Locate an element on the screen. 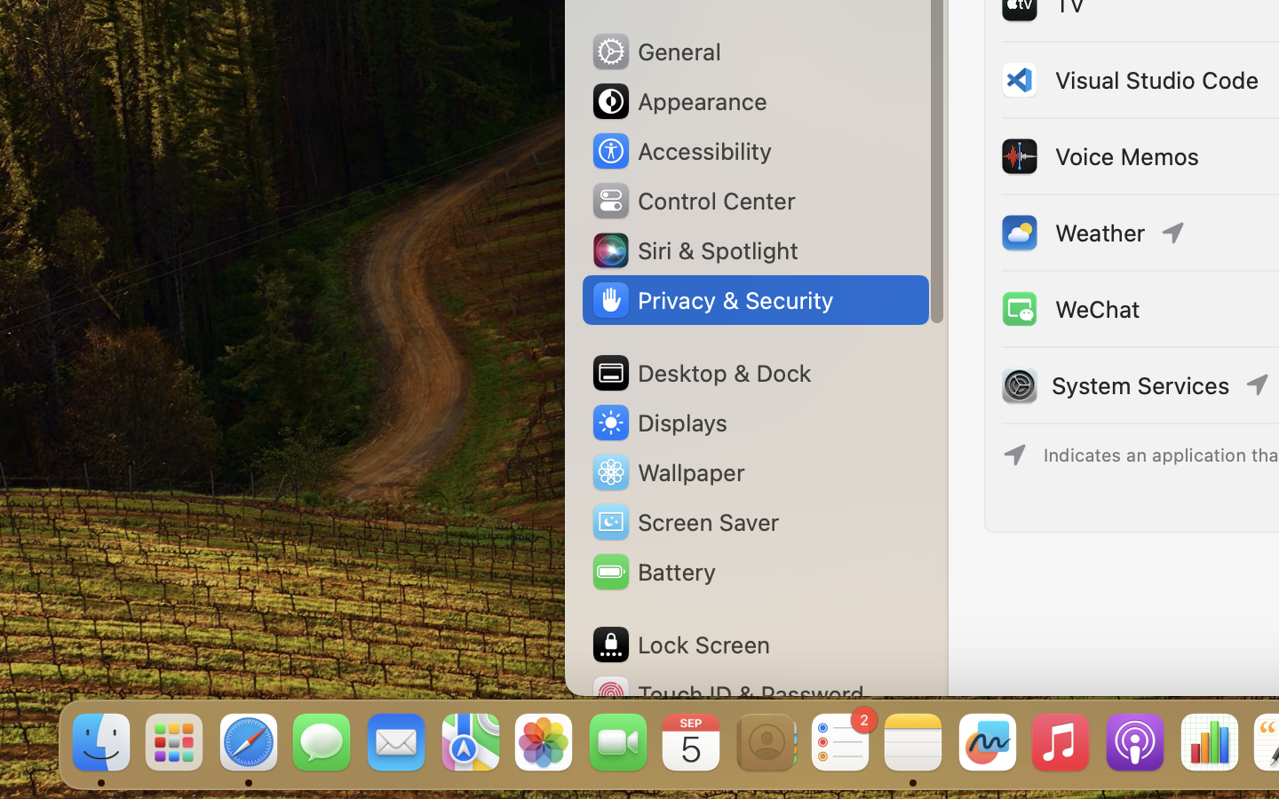 The width and height of the screenshot is (1279, 799). 'Weather' is located at coordinates (1071, 231).